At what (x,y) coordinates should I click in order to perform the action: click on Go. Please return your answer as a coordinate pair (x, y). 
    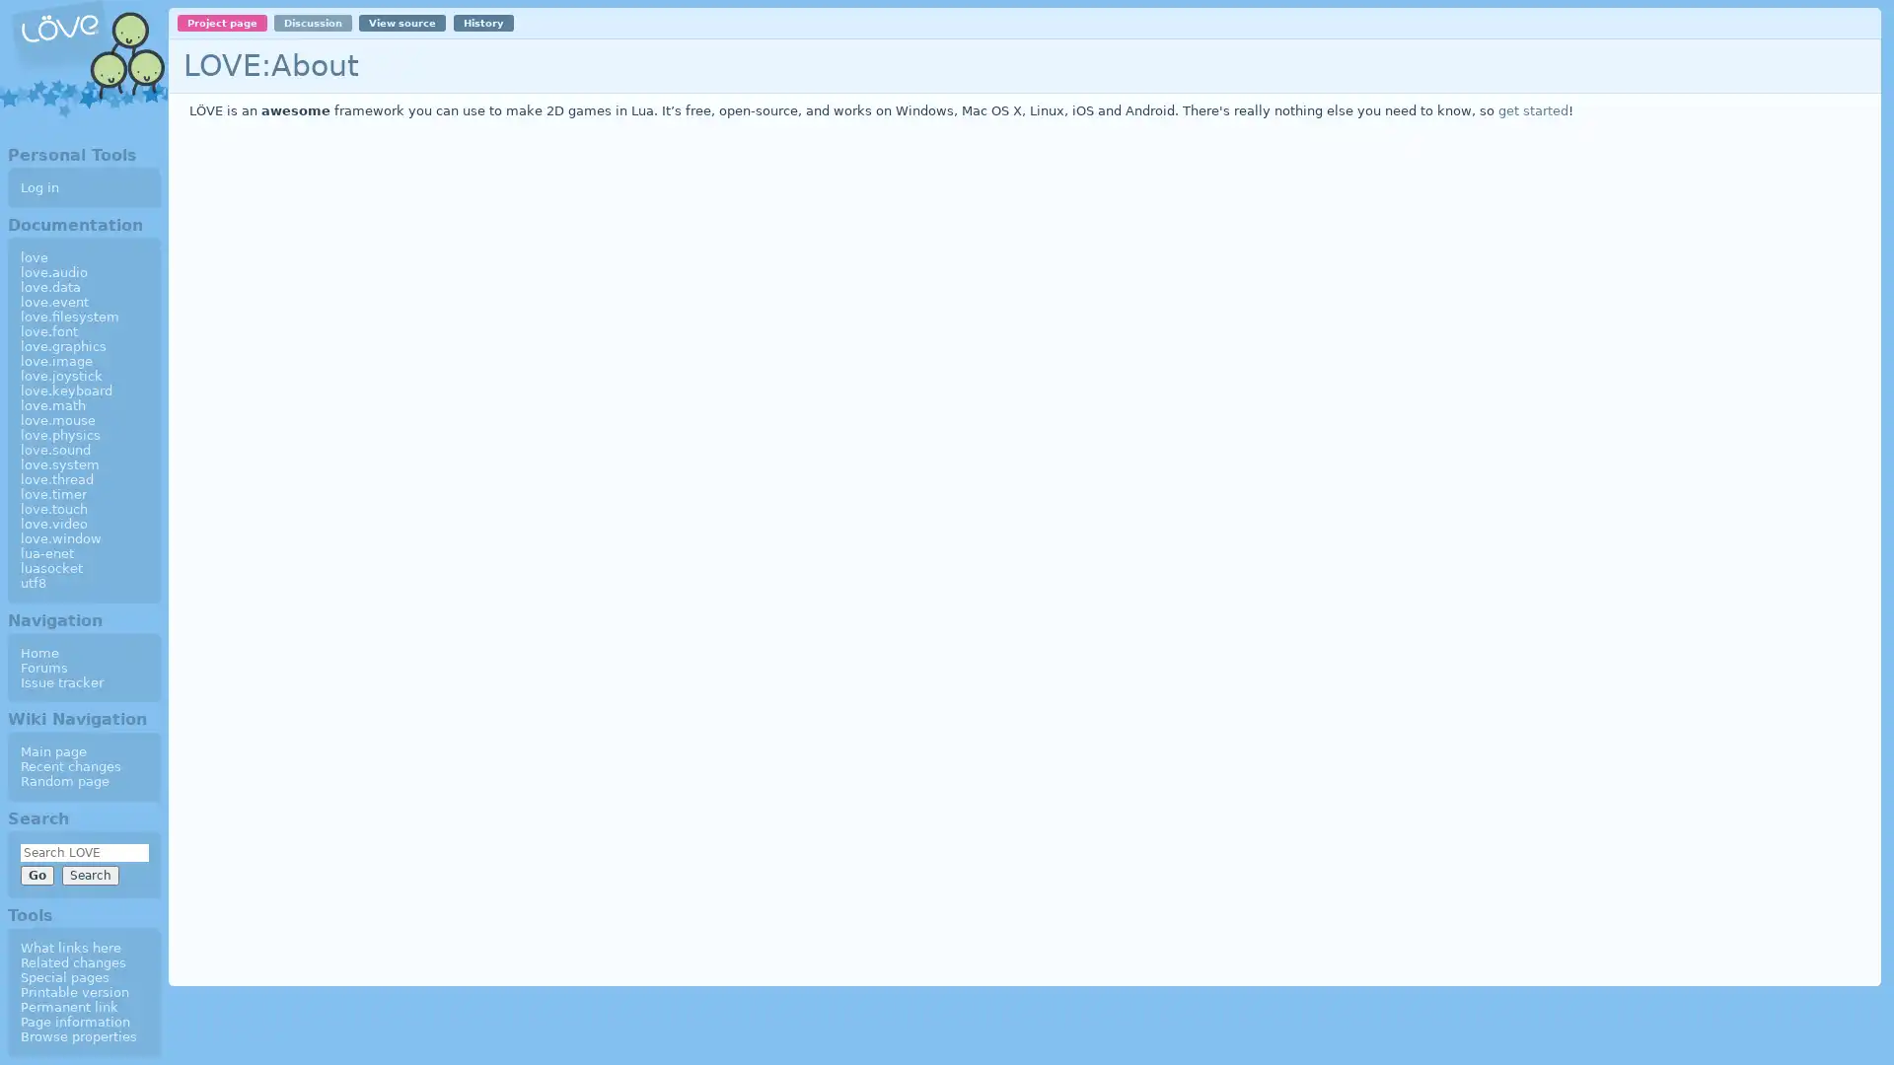
    Looking at the image, I should click on (36, 874).